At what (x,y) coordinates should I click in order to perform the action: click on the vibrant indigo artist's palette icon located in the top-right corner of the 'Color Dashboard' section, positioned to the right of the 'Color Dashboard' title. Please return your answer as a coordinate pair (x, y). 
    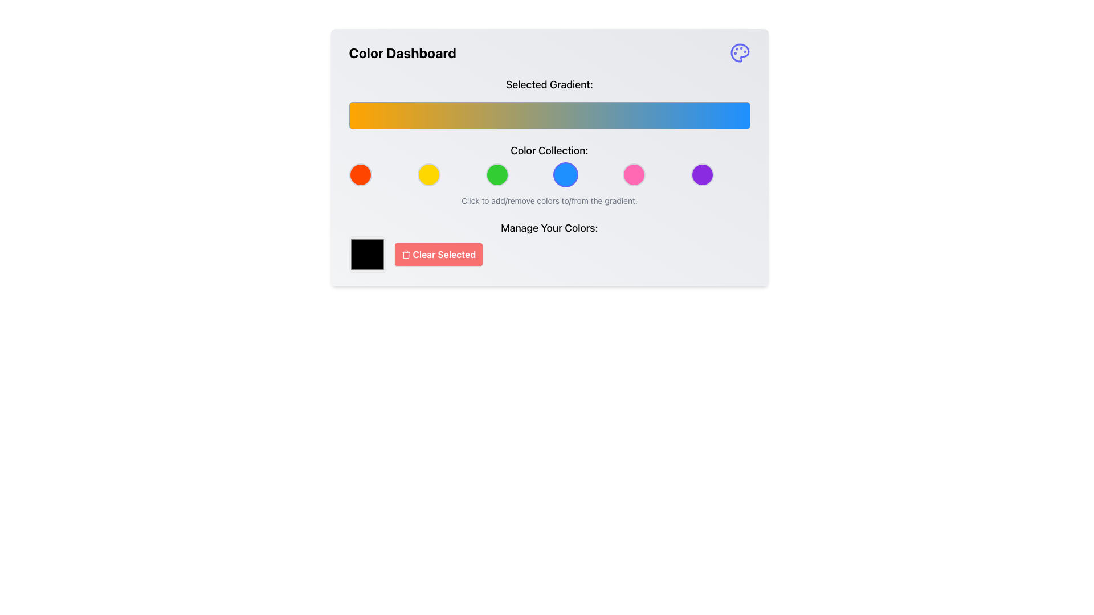
    Looking at the image, I should click on (740, 52).